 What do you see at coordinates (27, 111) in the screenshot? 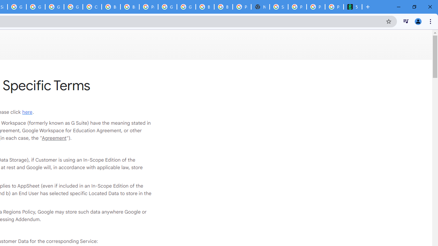
I see `'here'` at bounding box center [27, 111].